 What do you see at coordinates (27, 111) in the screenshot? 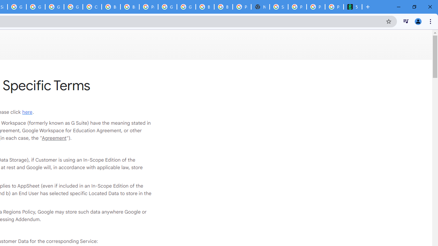
I see `'here'` at bounding box center [27, 111].